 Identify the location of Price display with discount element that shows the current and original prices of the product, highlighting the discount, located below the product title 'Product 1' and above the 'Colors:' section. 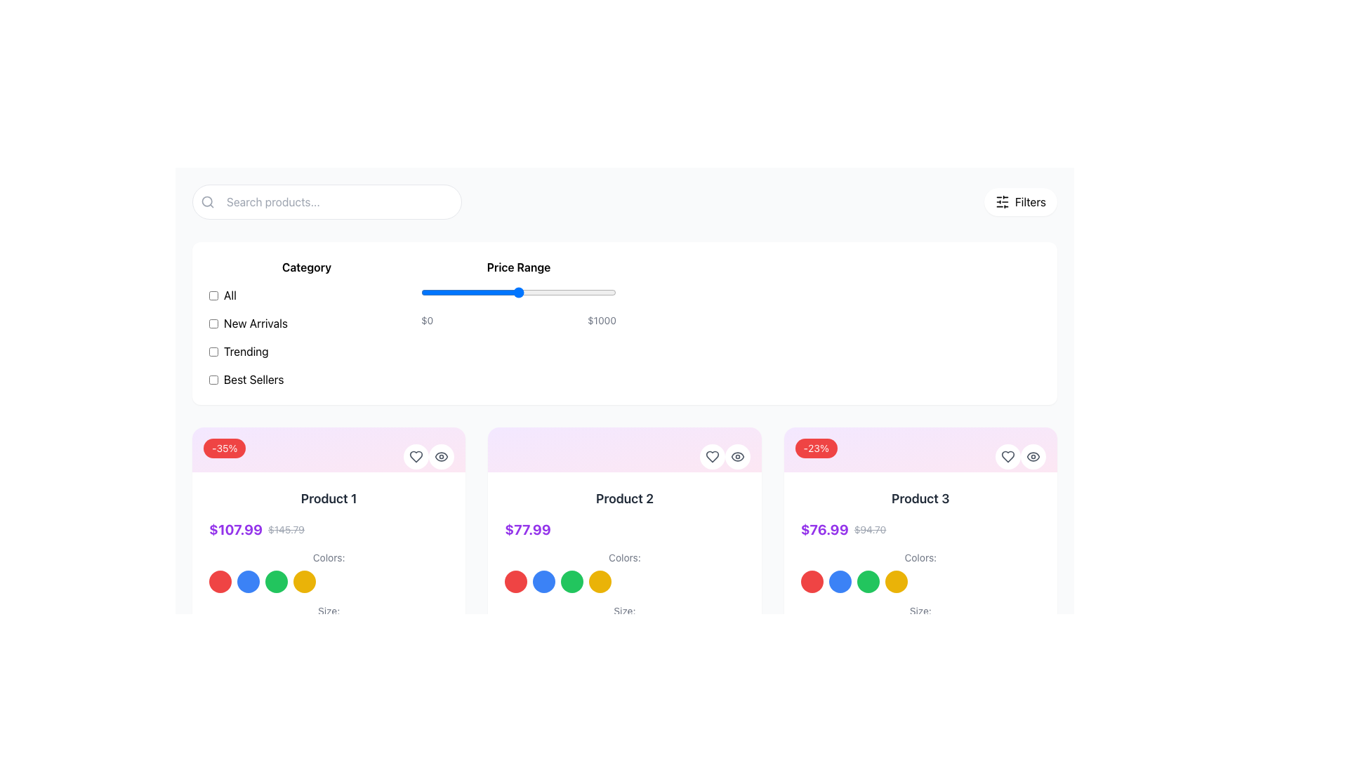
(328, 530).